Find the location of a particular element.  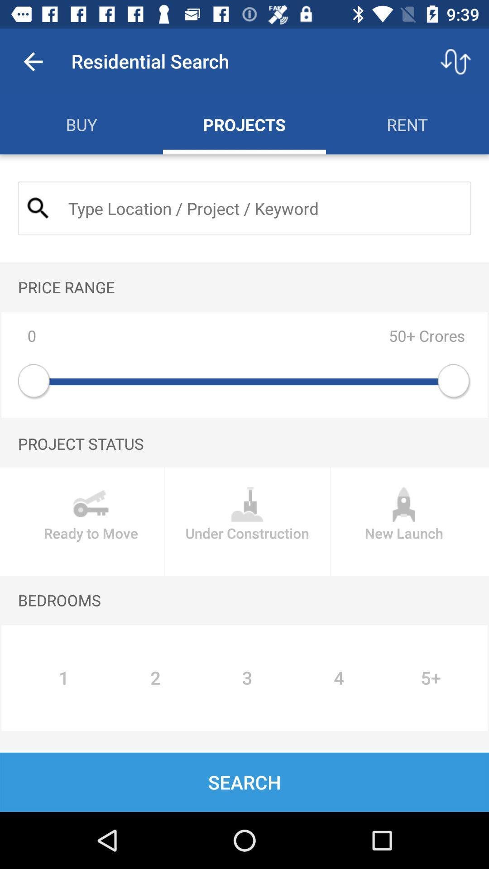

icon to the right of residential search	 icon is located at coordinates (455, 61).